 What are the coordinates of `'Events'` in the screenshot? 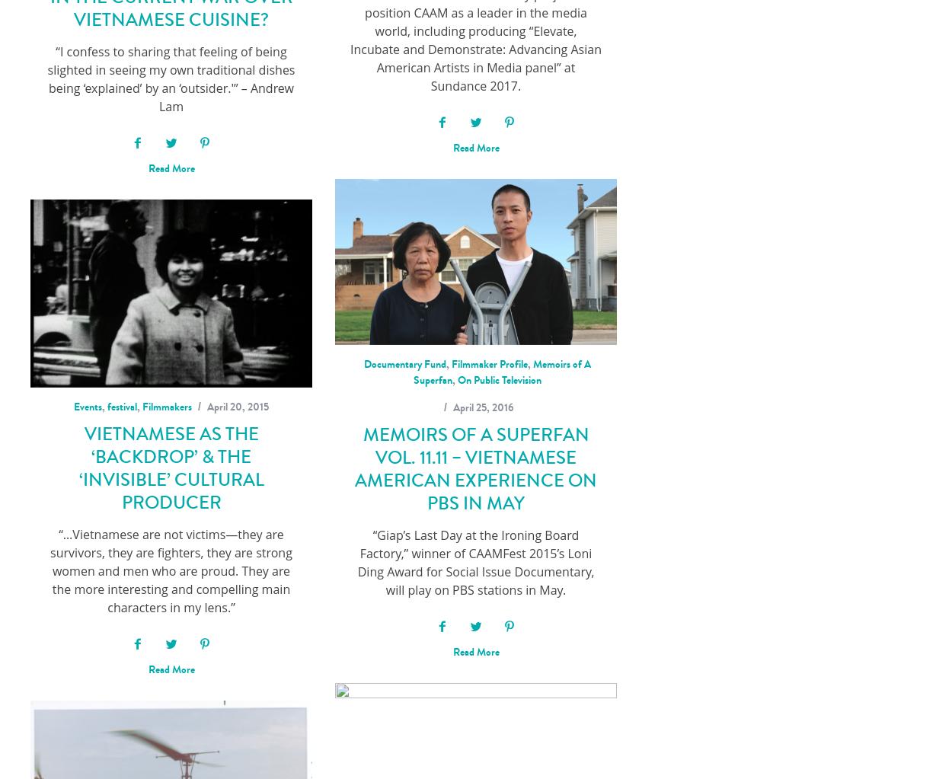 It's located at (87, 406).